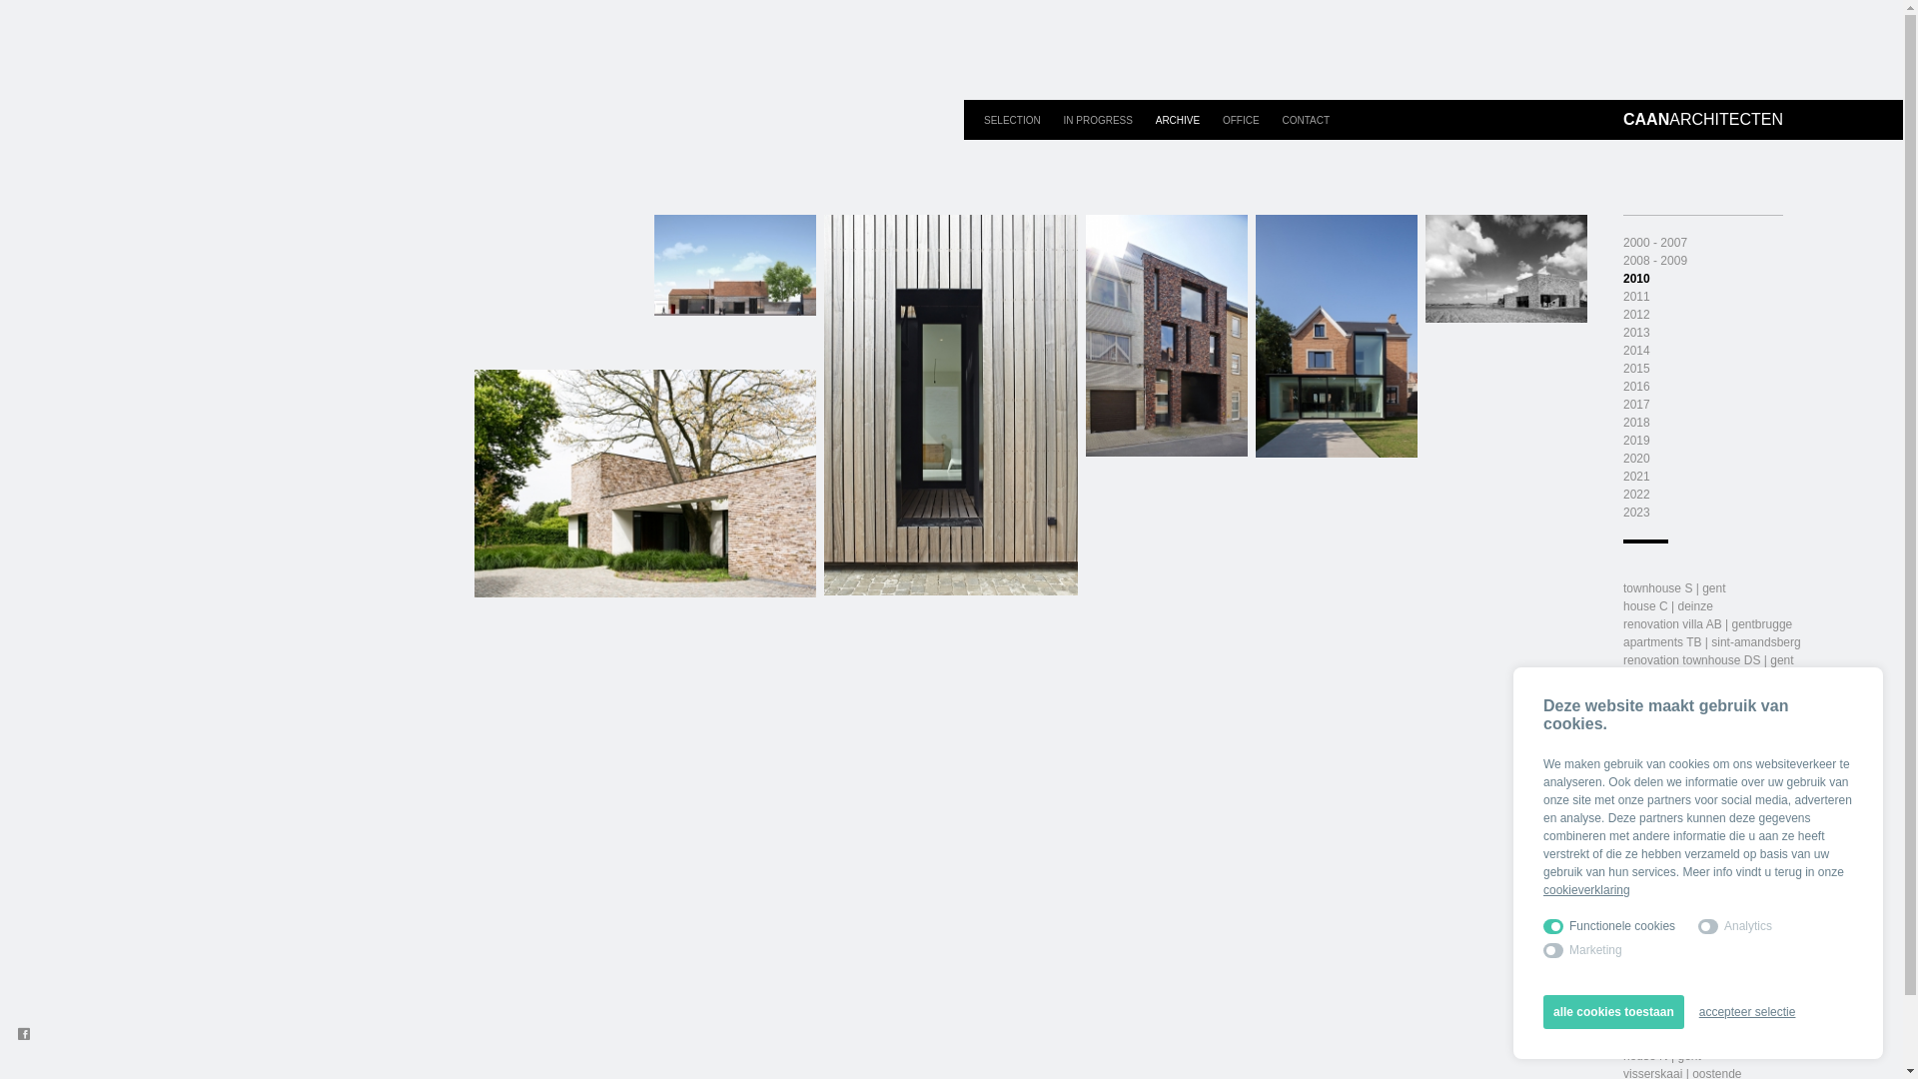  Describe the element at coordinates (1654, 260) in the screenshot. I see `'2008 - 2009'` at that location.